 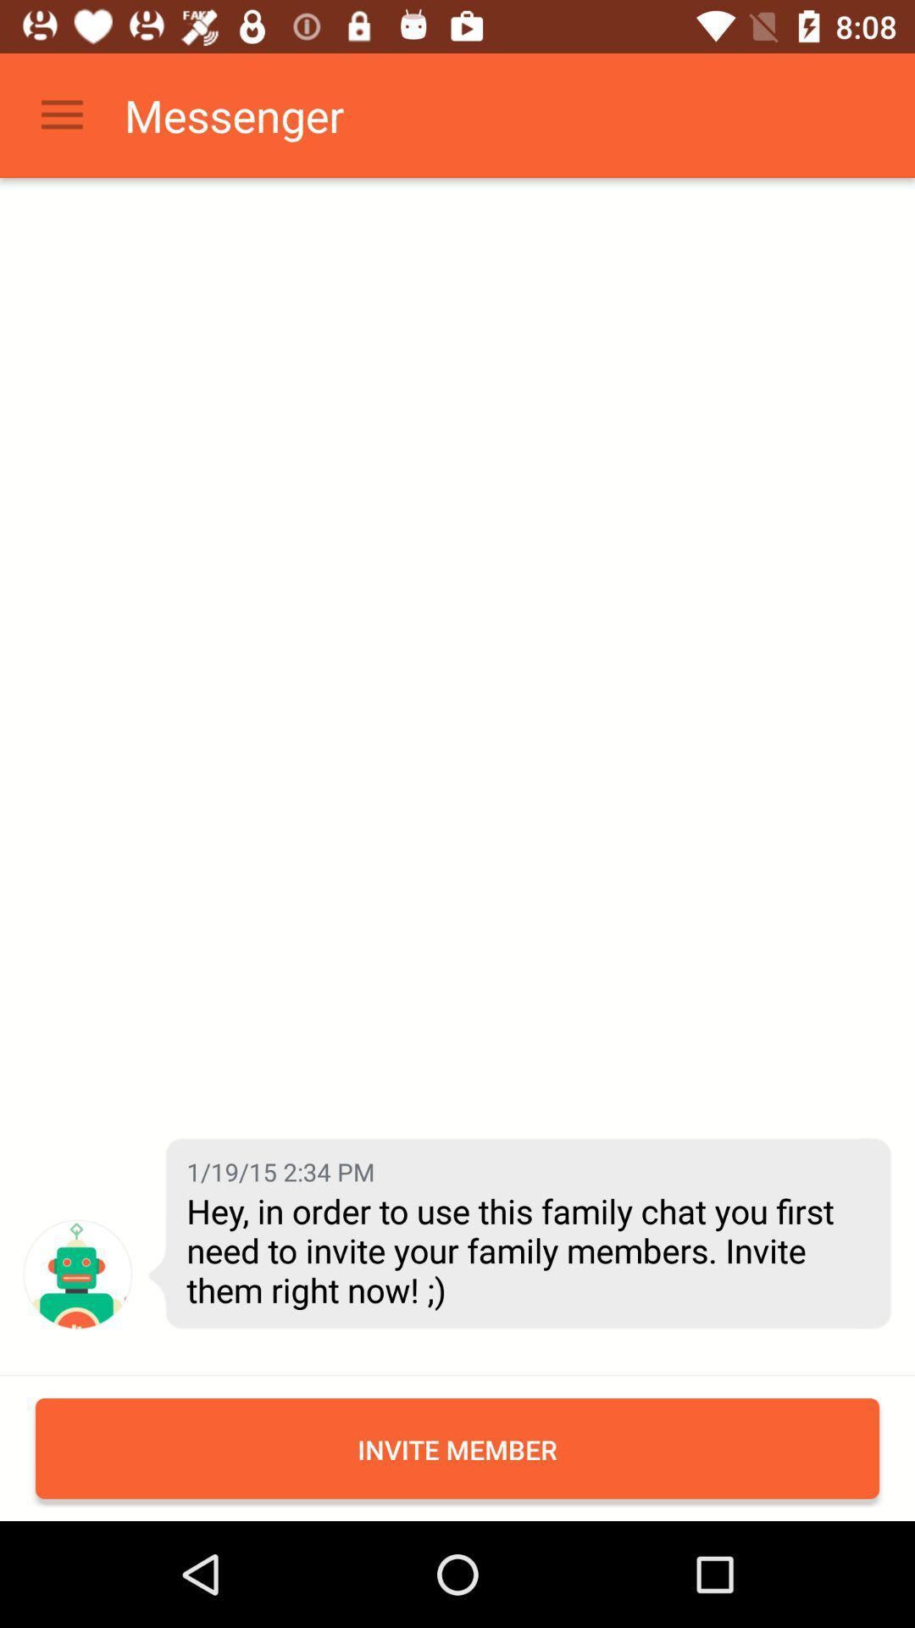 What do you see at coordinates (280, 1170) in the screenshot?
I see `1 19 15` at bounding box center [280, 1170].